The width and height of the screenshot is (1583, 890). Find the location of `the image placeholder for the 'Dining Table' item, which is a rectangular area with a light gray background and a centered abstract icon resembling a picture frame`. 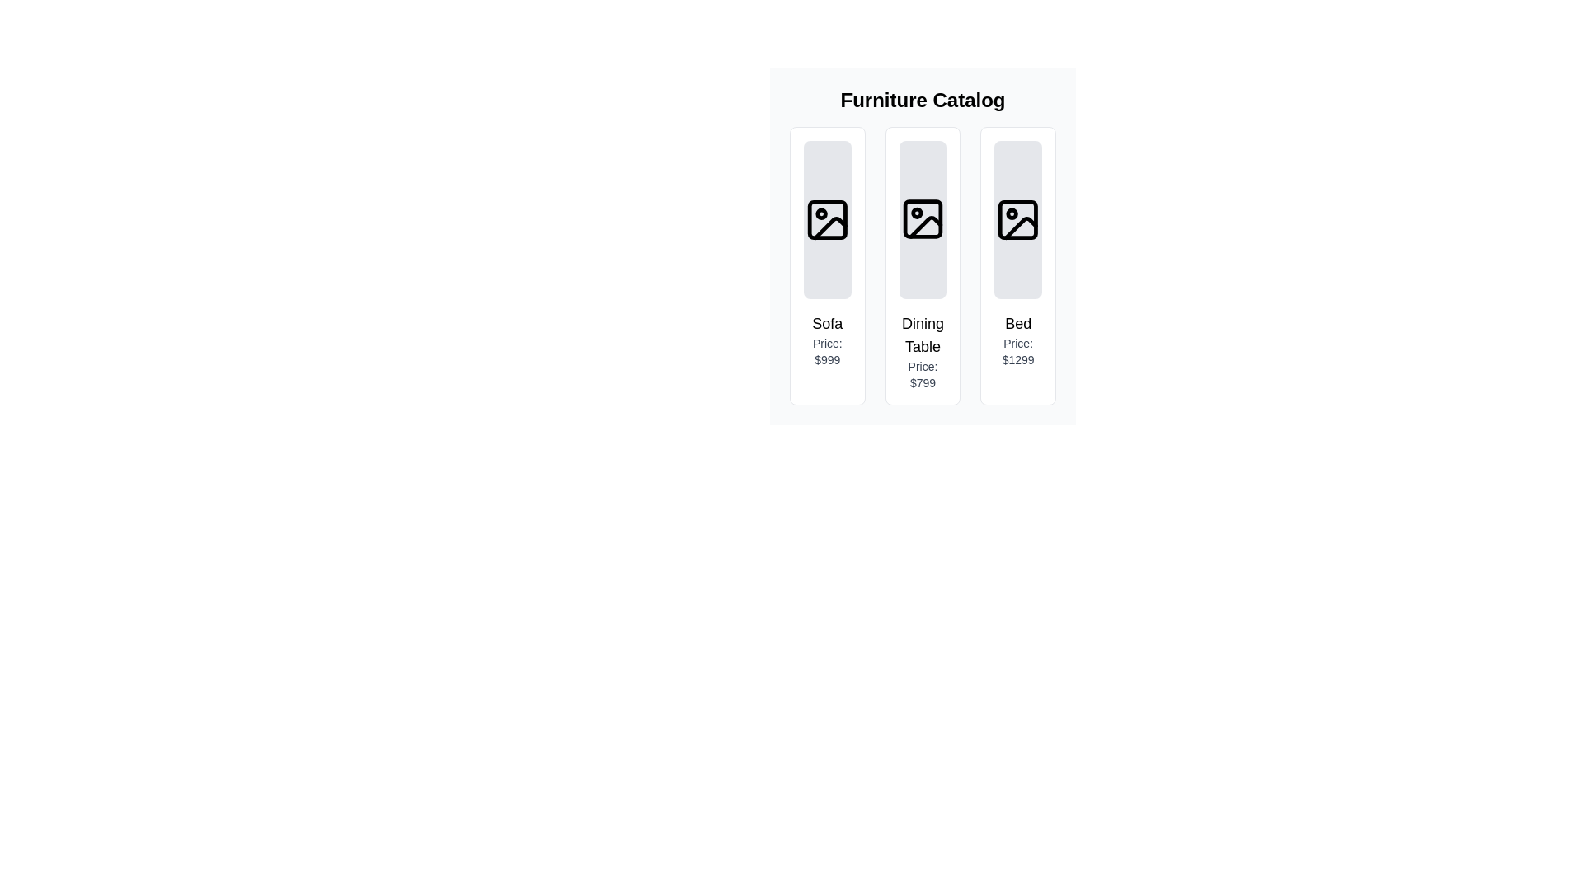

the image placeholder for the 'Dining Table' item, which is a rectangular area with a light gray background and a centered abstract icon resembling a picture frame is located at coordinates (922, 218).